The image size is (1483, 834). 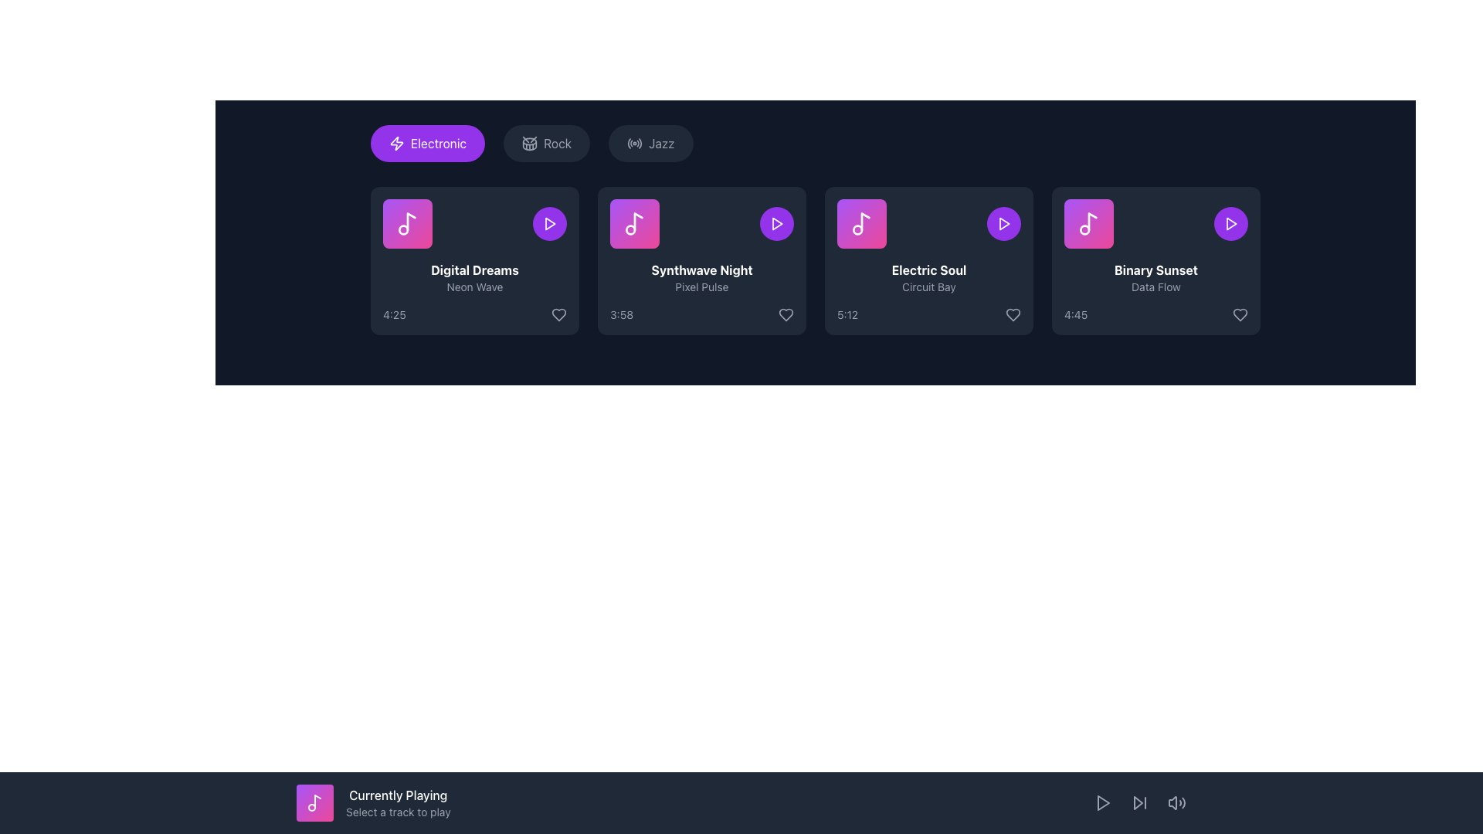 I want to click on the 'skip forward' button located in the bottom-right control bar of the interface, so click(x=1140, y=802).